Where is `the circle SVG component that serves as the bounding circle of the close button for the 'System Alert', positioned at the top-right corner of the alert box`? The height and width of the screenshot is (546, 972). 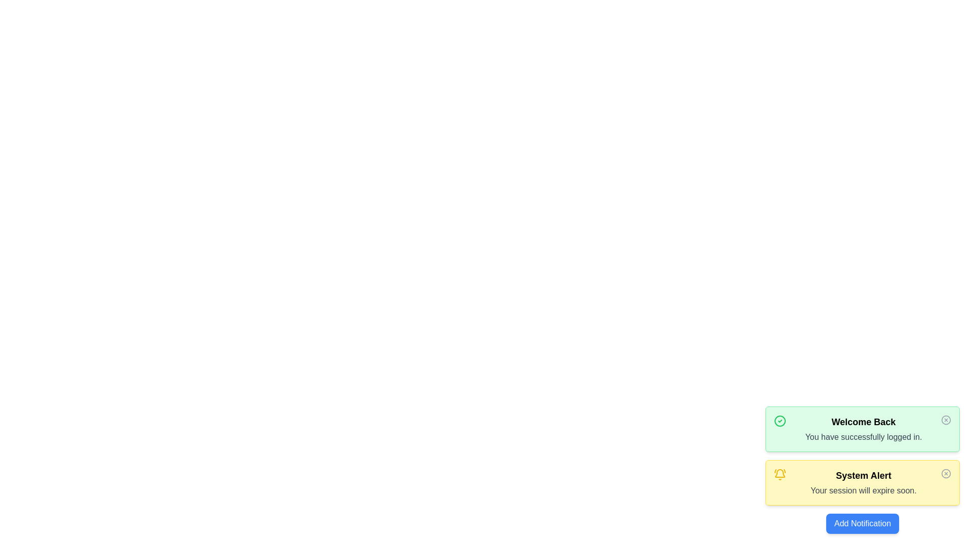
the circle SVG component that serves as the bounding circle of the close button for the 'System Alert', positioned at the top-right corner of the alert box is located at coordinates (945, 474).